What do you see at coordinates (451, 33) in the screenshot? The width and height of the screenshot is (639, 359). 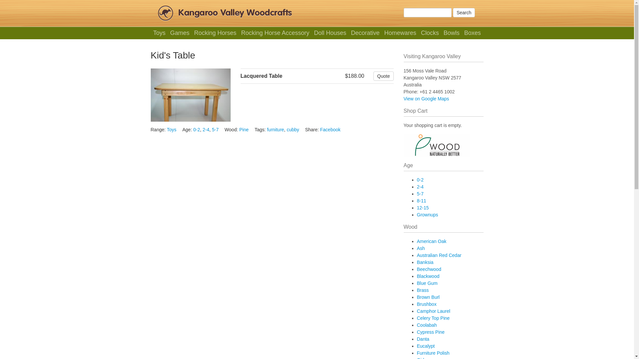 I see `'Bowls'` at bounding box center [451, 33].